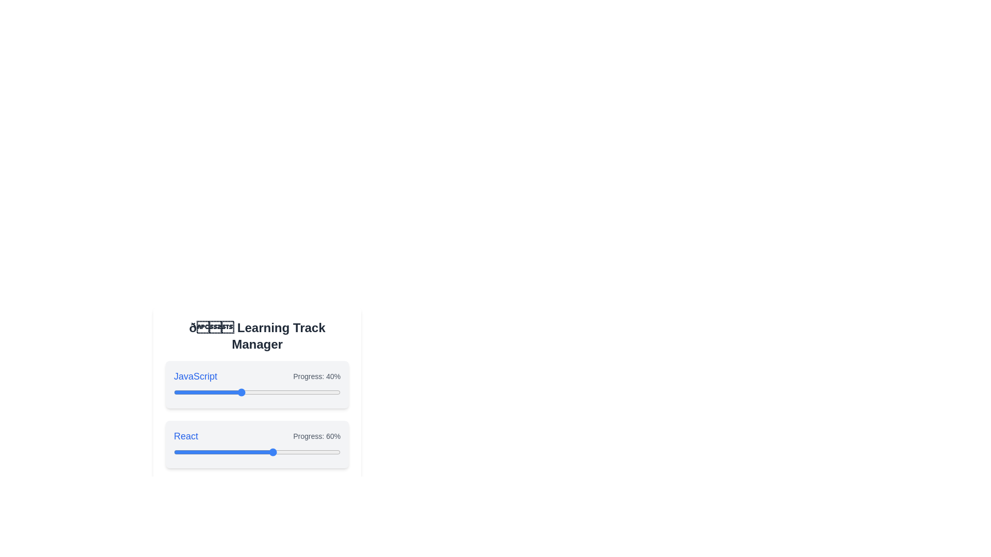  What do you see at coordinates (212, 392) in the screenshot?
I see `the progress for 'JavaScript' track` at bounding box center [212, 392].